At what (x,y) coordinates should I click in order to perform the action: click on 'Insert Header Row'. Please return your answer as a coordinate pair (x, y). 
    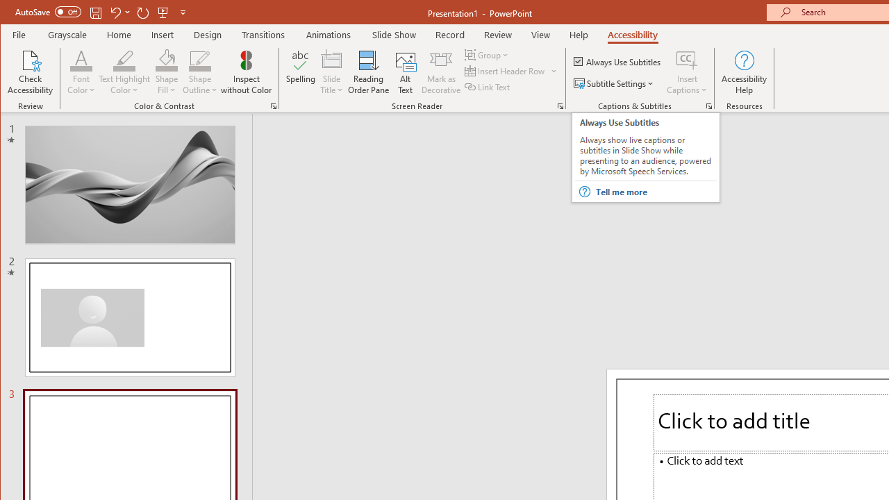
    Looking at the image, I should click on (510, 71).